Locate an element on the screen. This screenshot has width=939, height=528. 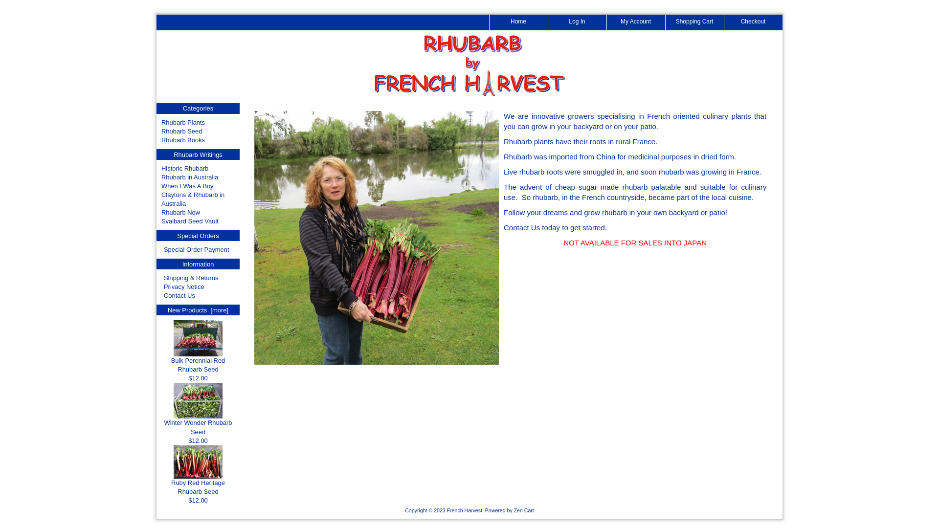
'Winter Wonder Rhubarb Seed' is located at coordinates (197, 423).